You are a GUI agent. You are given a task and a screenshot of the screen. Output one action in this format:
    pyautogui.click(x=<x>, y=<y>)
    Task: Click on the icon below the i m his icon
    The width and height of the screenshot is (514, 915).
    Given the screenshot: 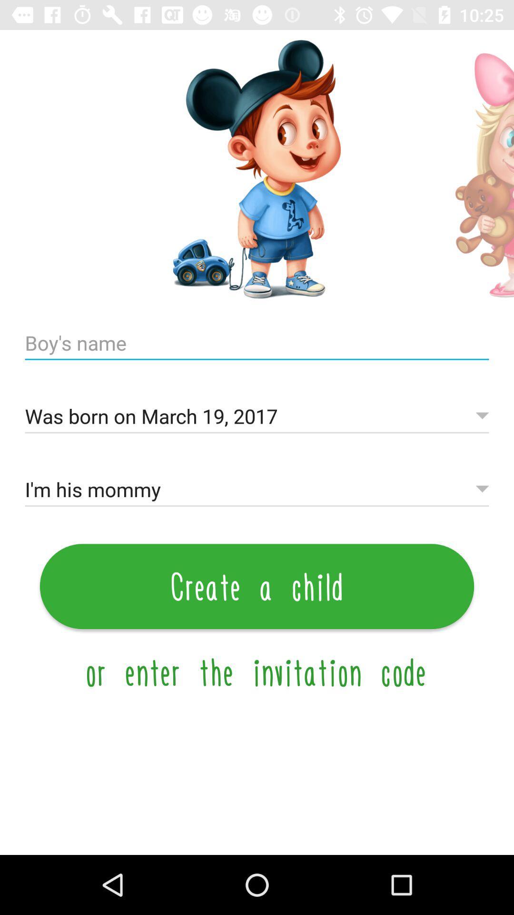 What is the action you would take?
    pyautogui.click(x=257, y=586)
    